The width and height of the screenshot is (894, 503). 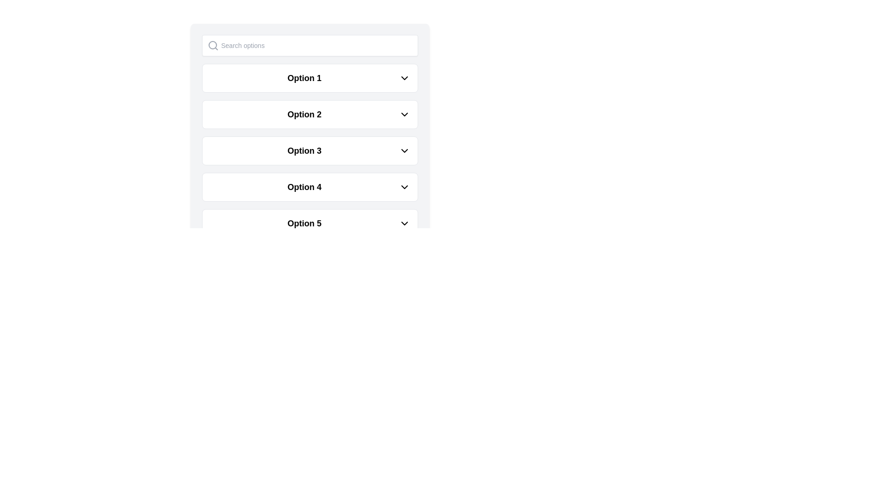 What do you see at coordinates (304, 78) in the screenshot?
I see `the 'Option 1' text label in the dropdown list` at bounding box center [304, 78].